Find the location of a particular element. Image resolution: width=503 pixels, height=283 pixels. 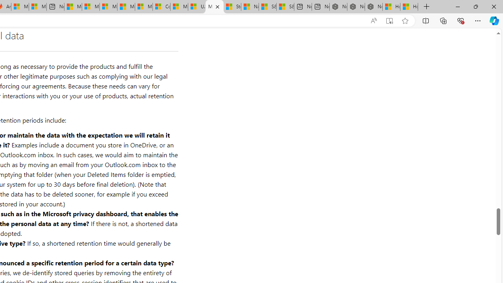

'Microsoft account | Home' is located at coordinates (108, 7).